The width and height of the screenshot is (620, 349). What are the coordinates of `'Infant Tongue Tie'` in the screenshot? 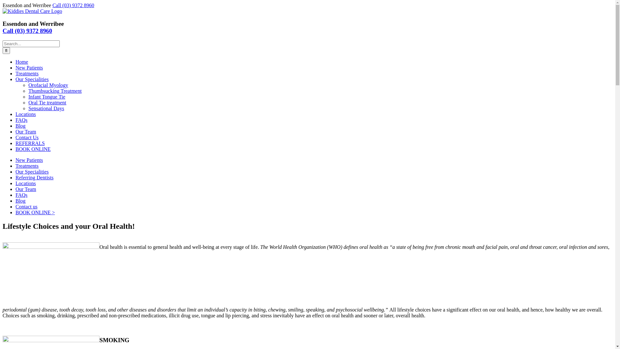 It's located at (46, 97).